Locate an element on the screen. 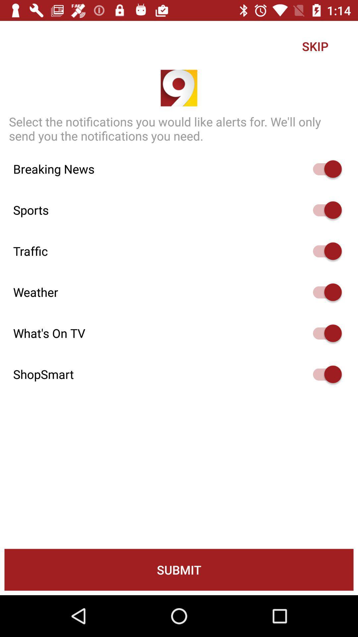 The image size is (358, 637). show traffic slider is located at coordinates (324, 251).